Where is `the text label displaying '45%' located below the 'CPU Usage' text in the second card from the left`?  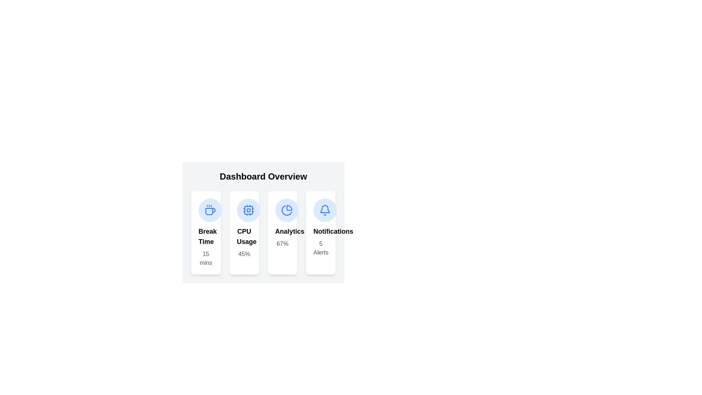 the text label displaying '45%' located below the 'CPU Usage' text in the second card from the left is located at coordinates (244, 253).